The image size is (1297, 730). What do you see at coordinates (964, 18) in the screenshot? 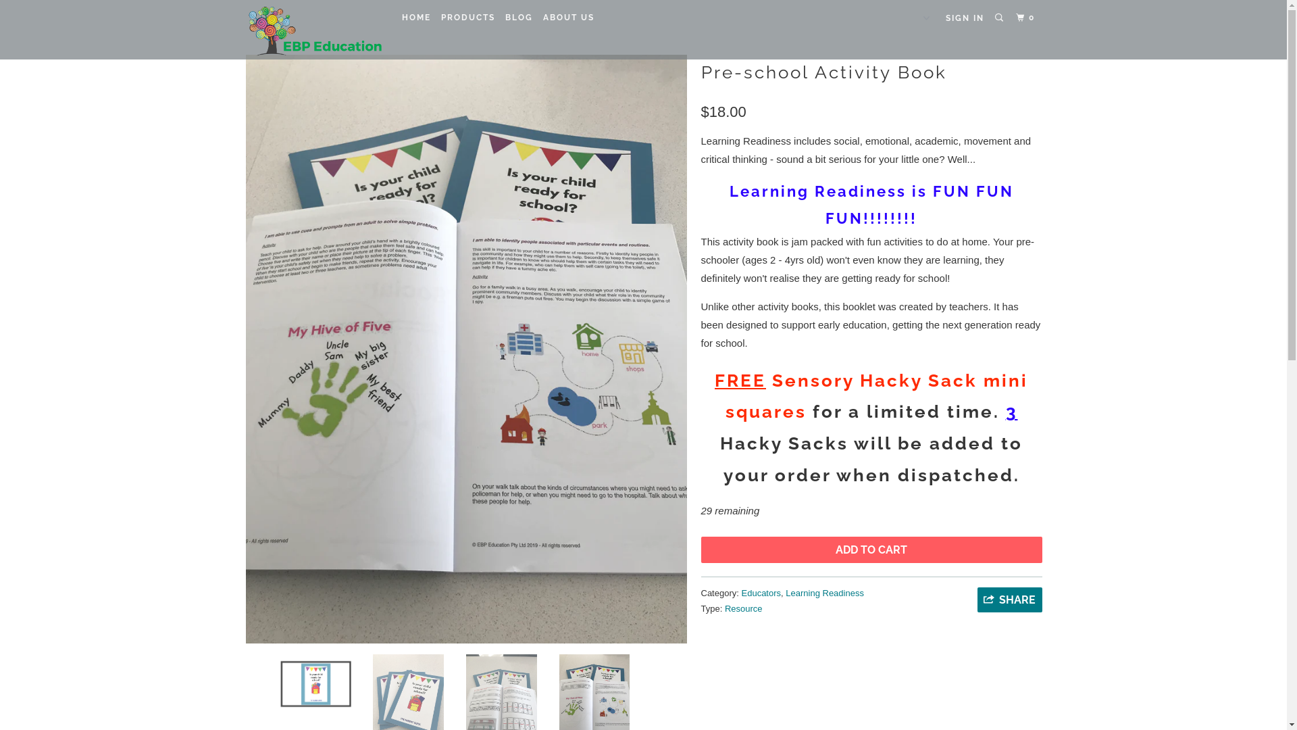
I see `'SIGN IN'` at bounding box center [964, 18].